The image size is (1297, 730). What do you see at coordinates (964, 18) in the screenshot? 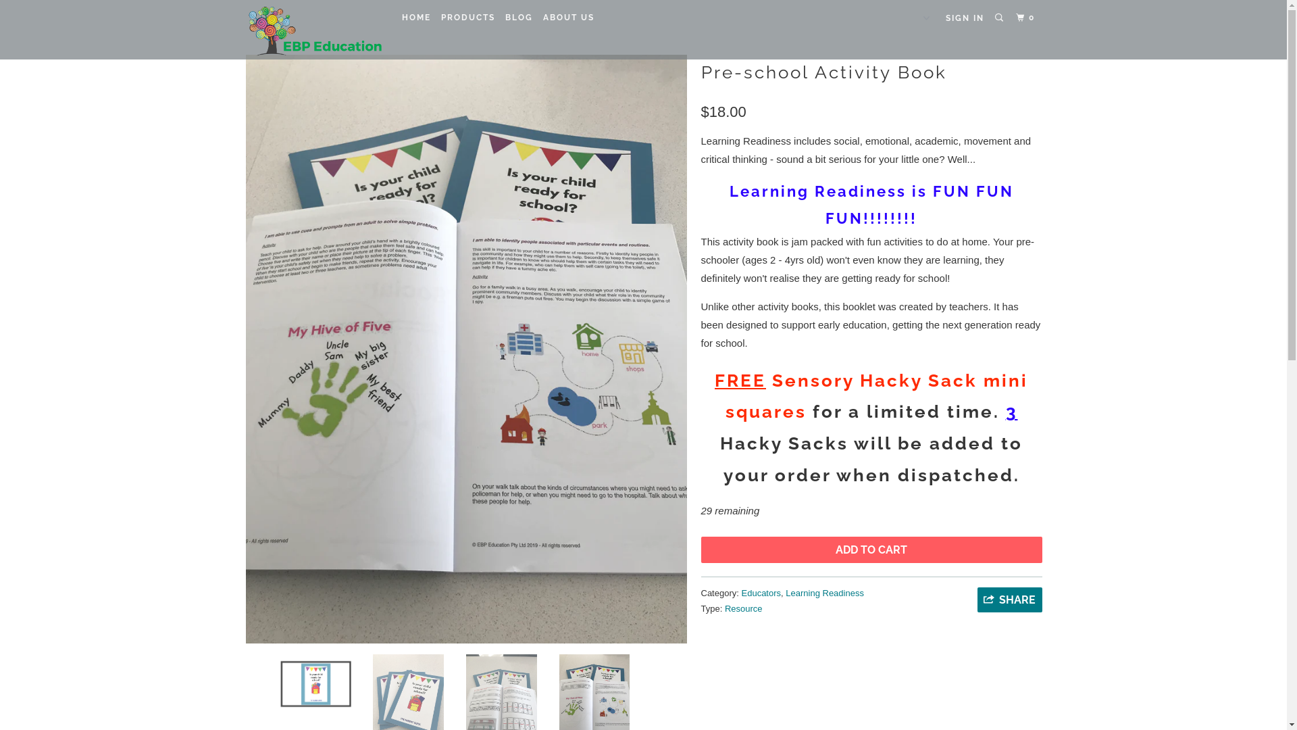
I see `'SIGN IN'` at bounding box center [964, 18].